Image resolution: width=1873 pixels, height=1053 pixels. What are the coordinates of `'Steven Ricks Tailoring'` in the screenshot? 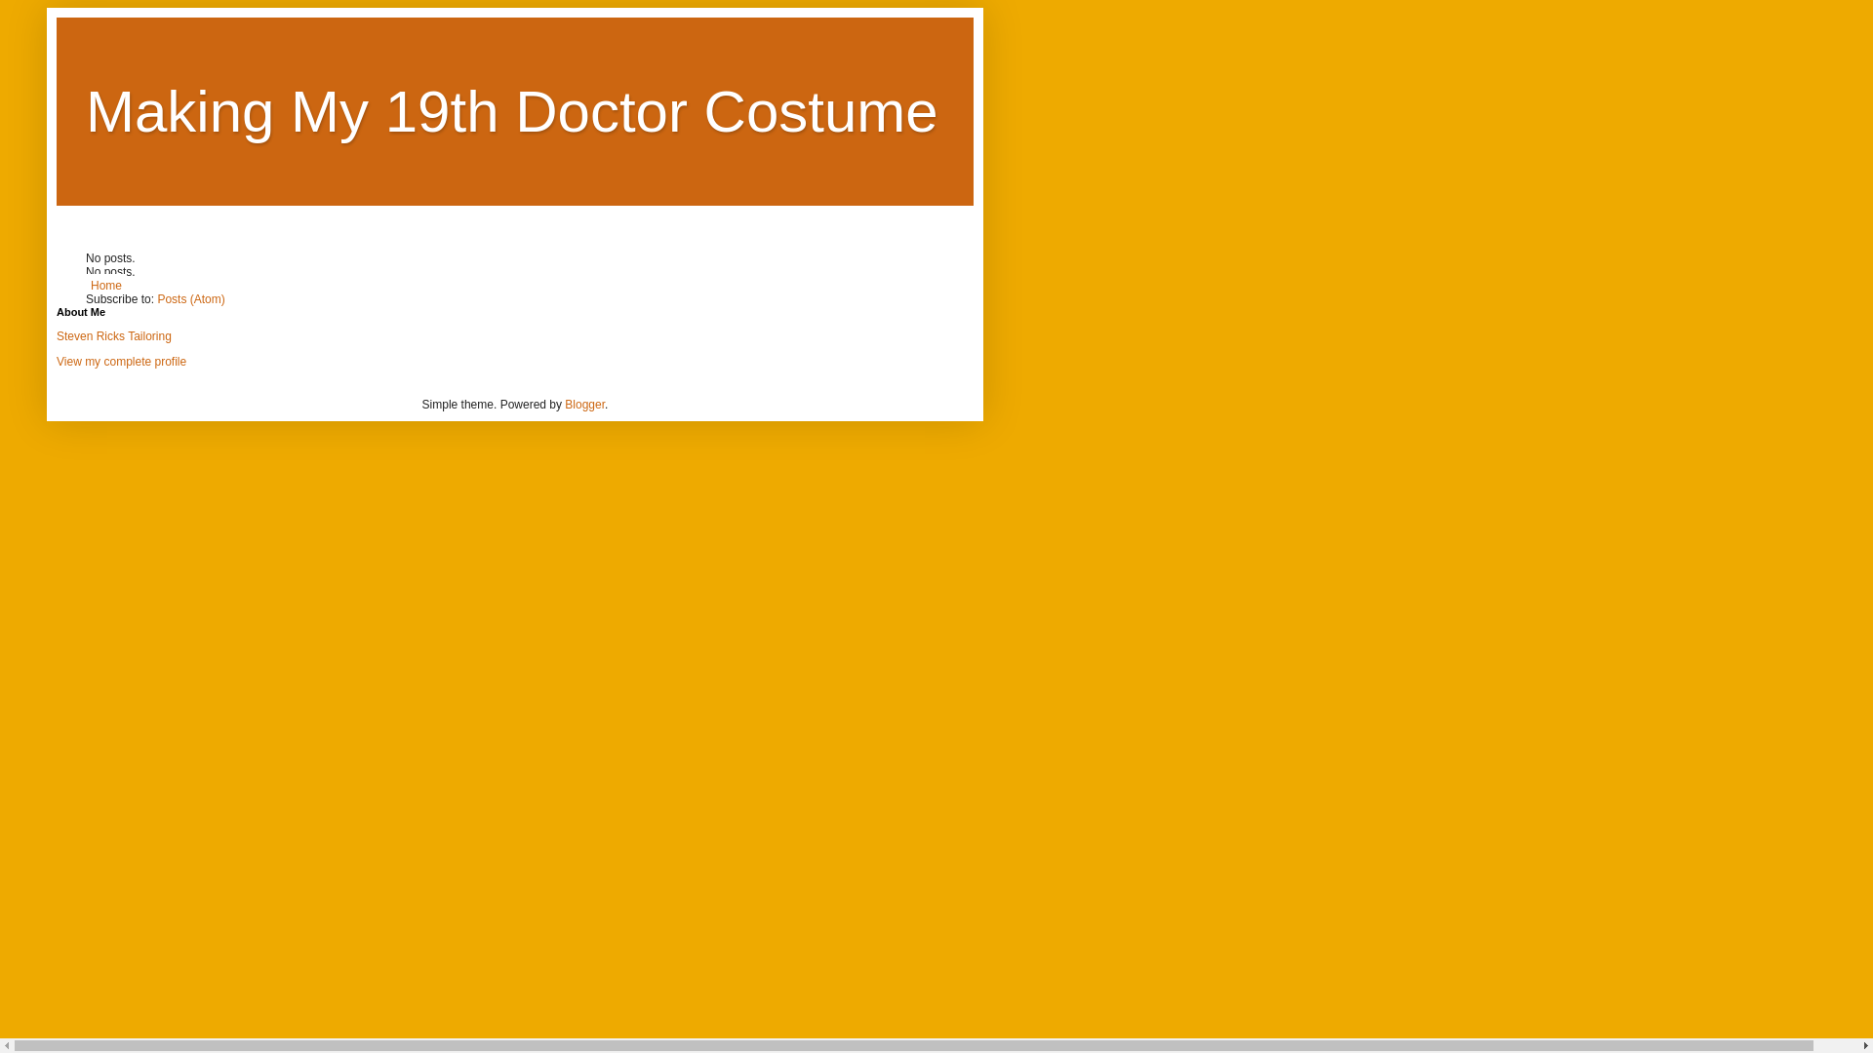 It's located at (112, 334).